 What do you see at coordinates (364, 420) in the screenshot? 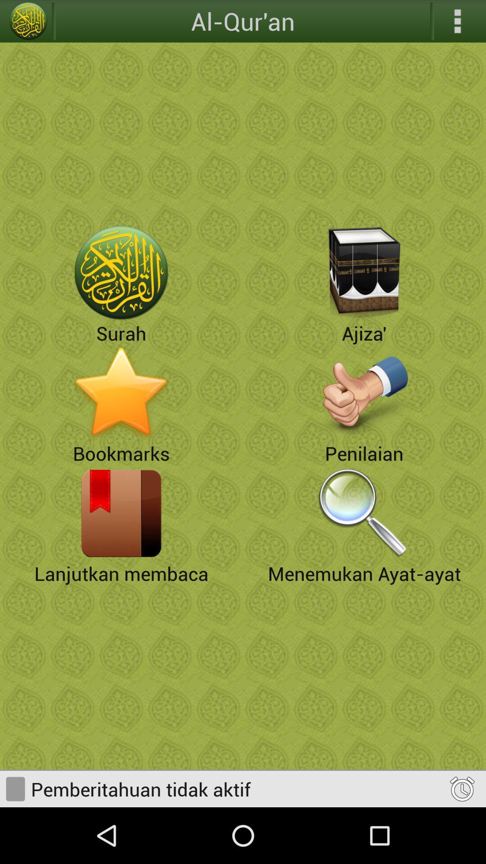
I see `the thumbs_up icon` at bounding box center [364, 420].